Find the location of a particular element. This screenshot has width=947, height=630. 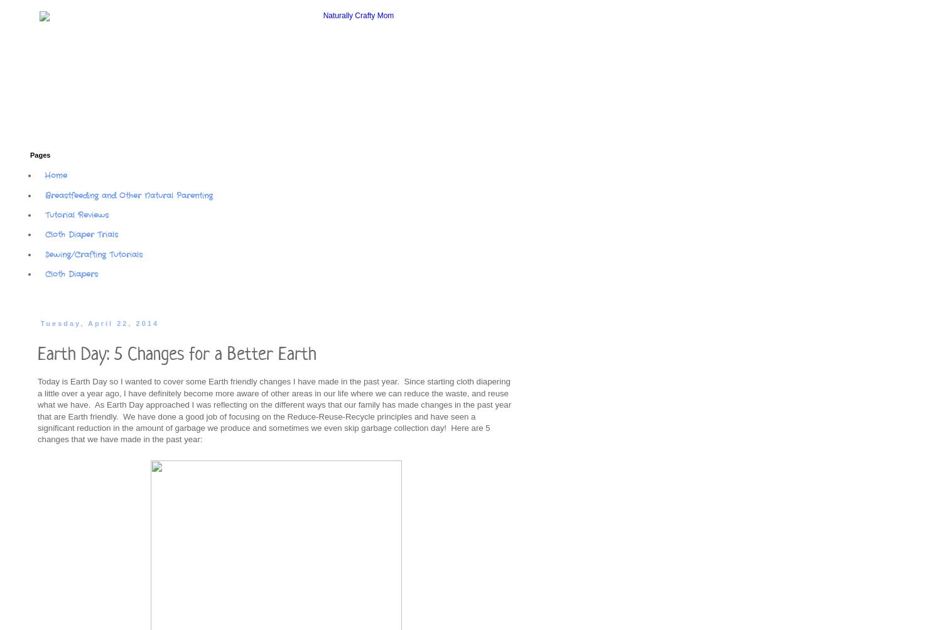

'Cloth Diapers' is located at coordinates (45, 274).